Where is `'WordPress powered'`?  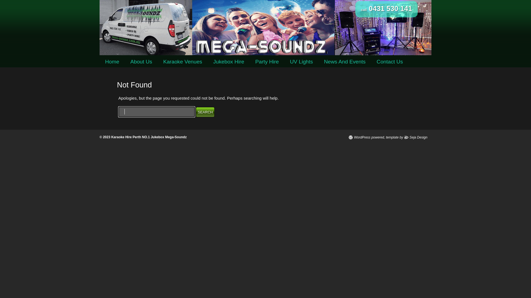 'WordPress powered' is located at coordinates (366, 137).